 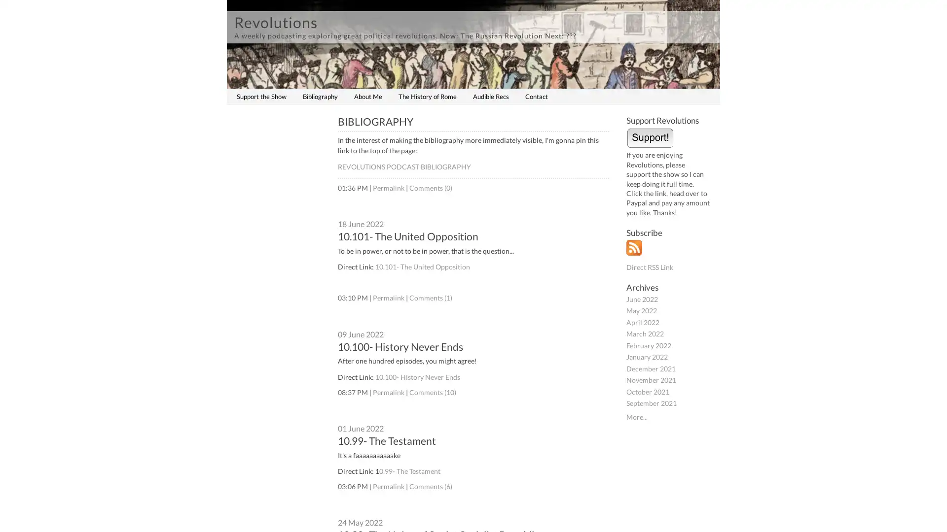 What do you see at coordinates (650, 137) in the screenshot?
I see `PayPal - The safer, easier way to pay online!` at bounding box center [650, 137].